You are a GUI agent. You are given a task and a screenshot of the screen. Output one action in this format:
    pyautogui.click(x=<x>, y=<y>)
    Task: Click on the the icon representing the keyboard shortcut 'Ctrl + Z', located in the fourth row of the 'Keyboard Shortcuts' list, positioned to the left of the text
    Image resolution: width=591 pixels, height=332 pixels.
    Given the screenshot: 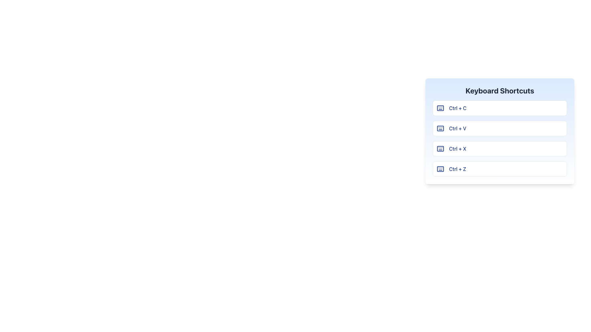 What is the action you would take?
    pyautogui.click(x=440, y=169)
    